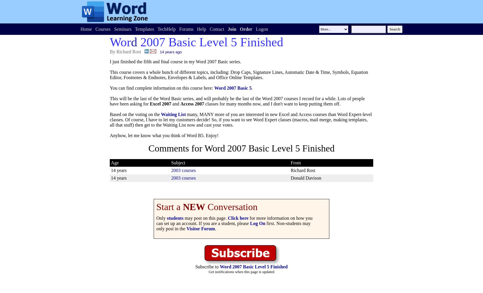 This screenshot has height=293, width=483. I want to click on 'Courses', so click(103, 28).